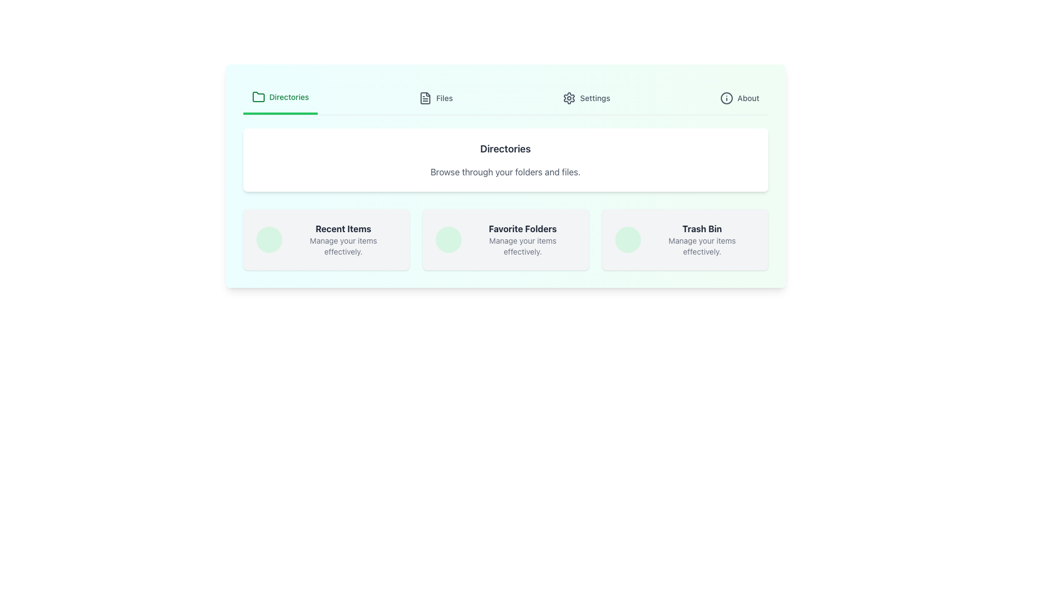  Describe the element at coordinates (325, 239) in the screenshot. I see `the 'Recent Items' clickable card, which is the first element in a three-column grid layout` at that location.